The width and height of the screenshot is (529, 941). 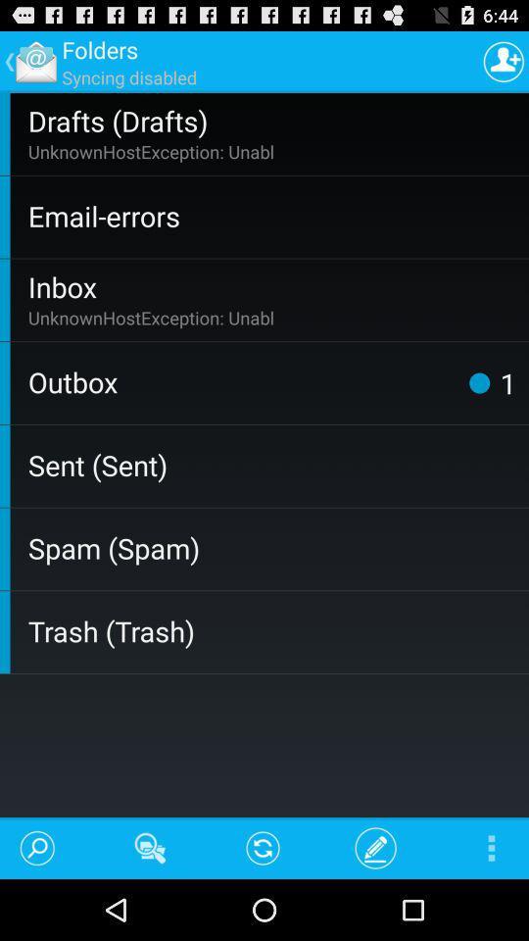 What do you see at coordinates (273, 285) in the screenshot?
I see `item below the email-errors icon` at bounding box center [273, 285].